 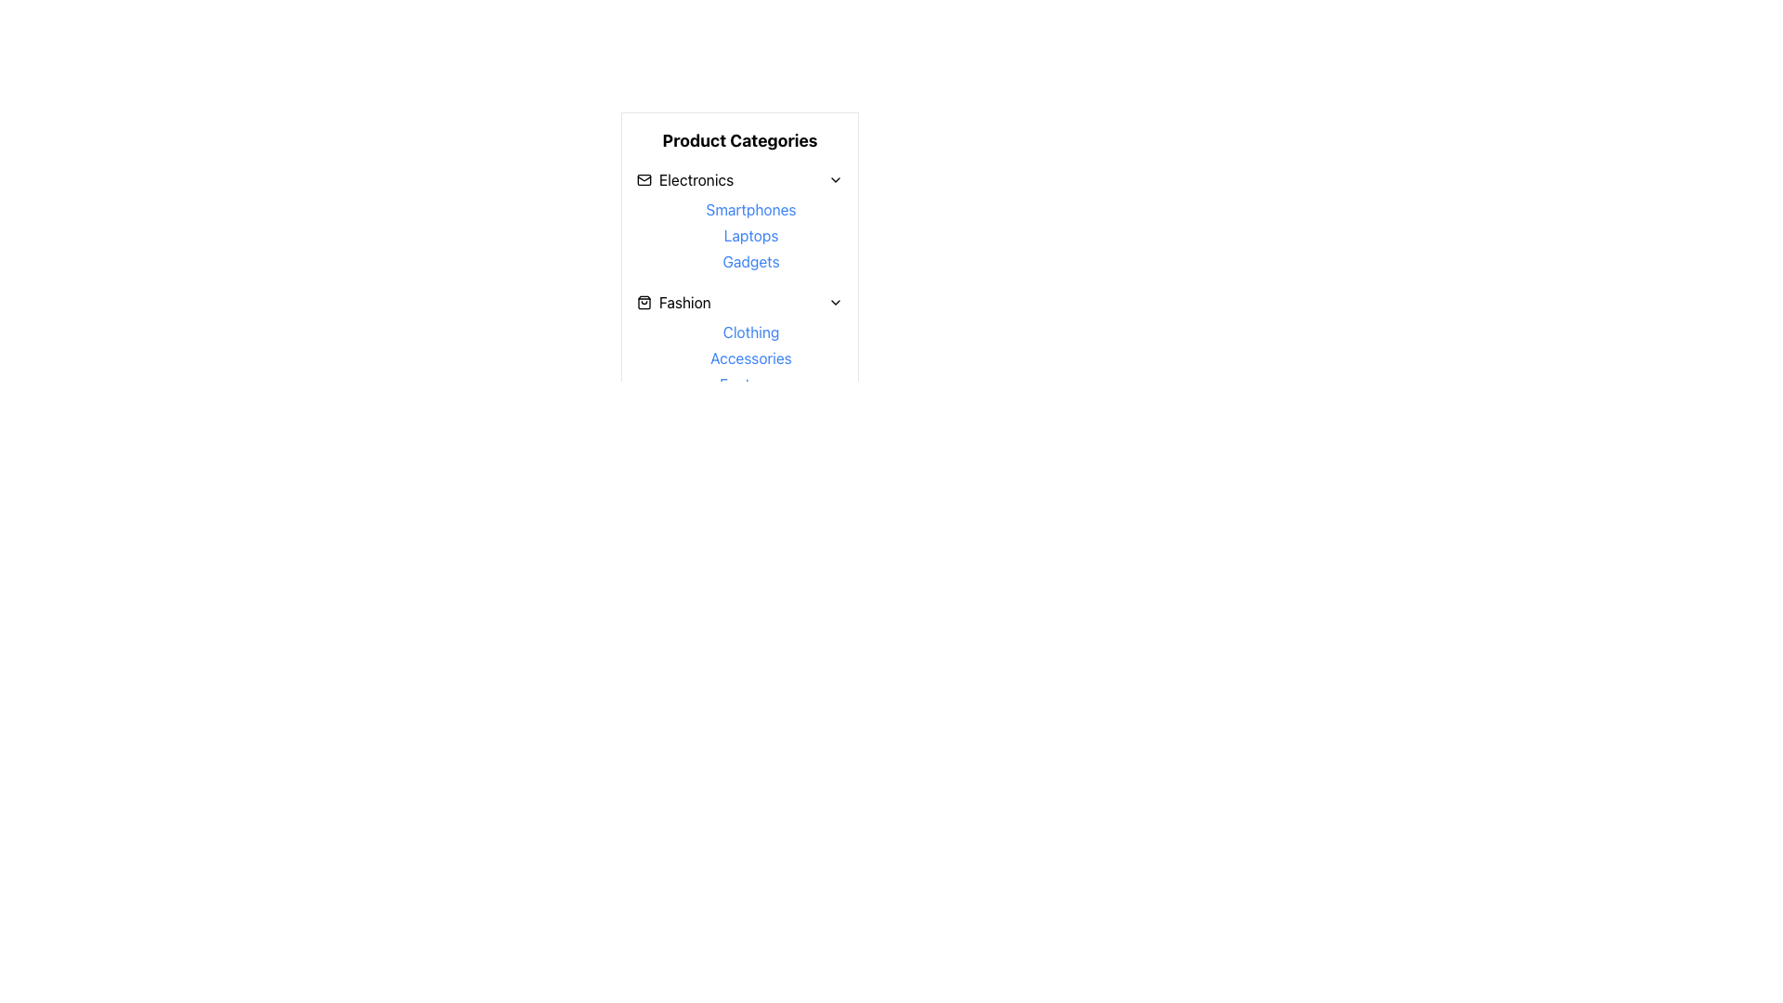 What do you see at coordinates (751, 332) in the screenshot?
I see `the hyperlink for 'Clothing' which is the first item under the 'Fashion' category` at bounding box center [751, 332].